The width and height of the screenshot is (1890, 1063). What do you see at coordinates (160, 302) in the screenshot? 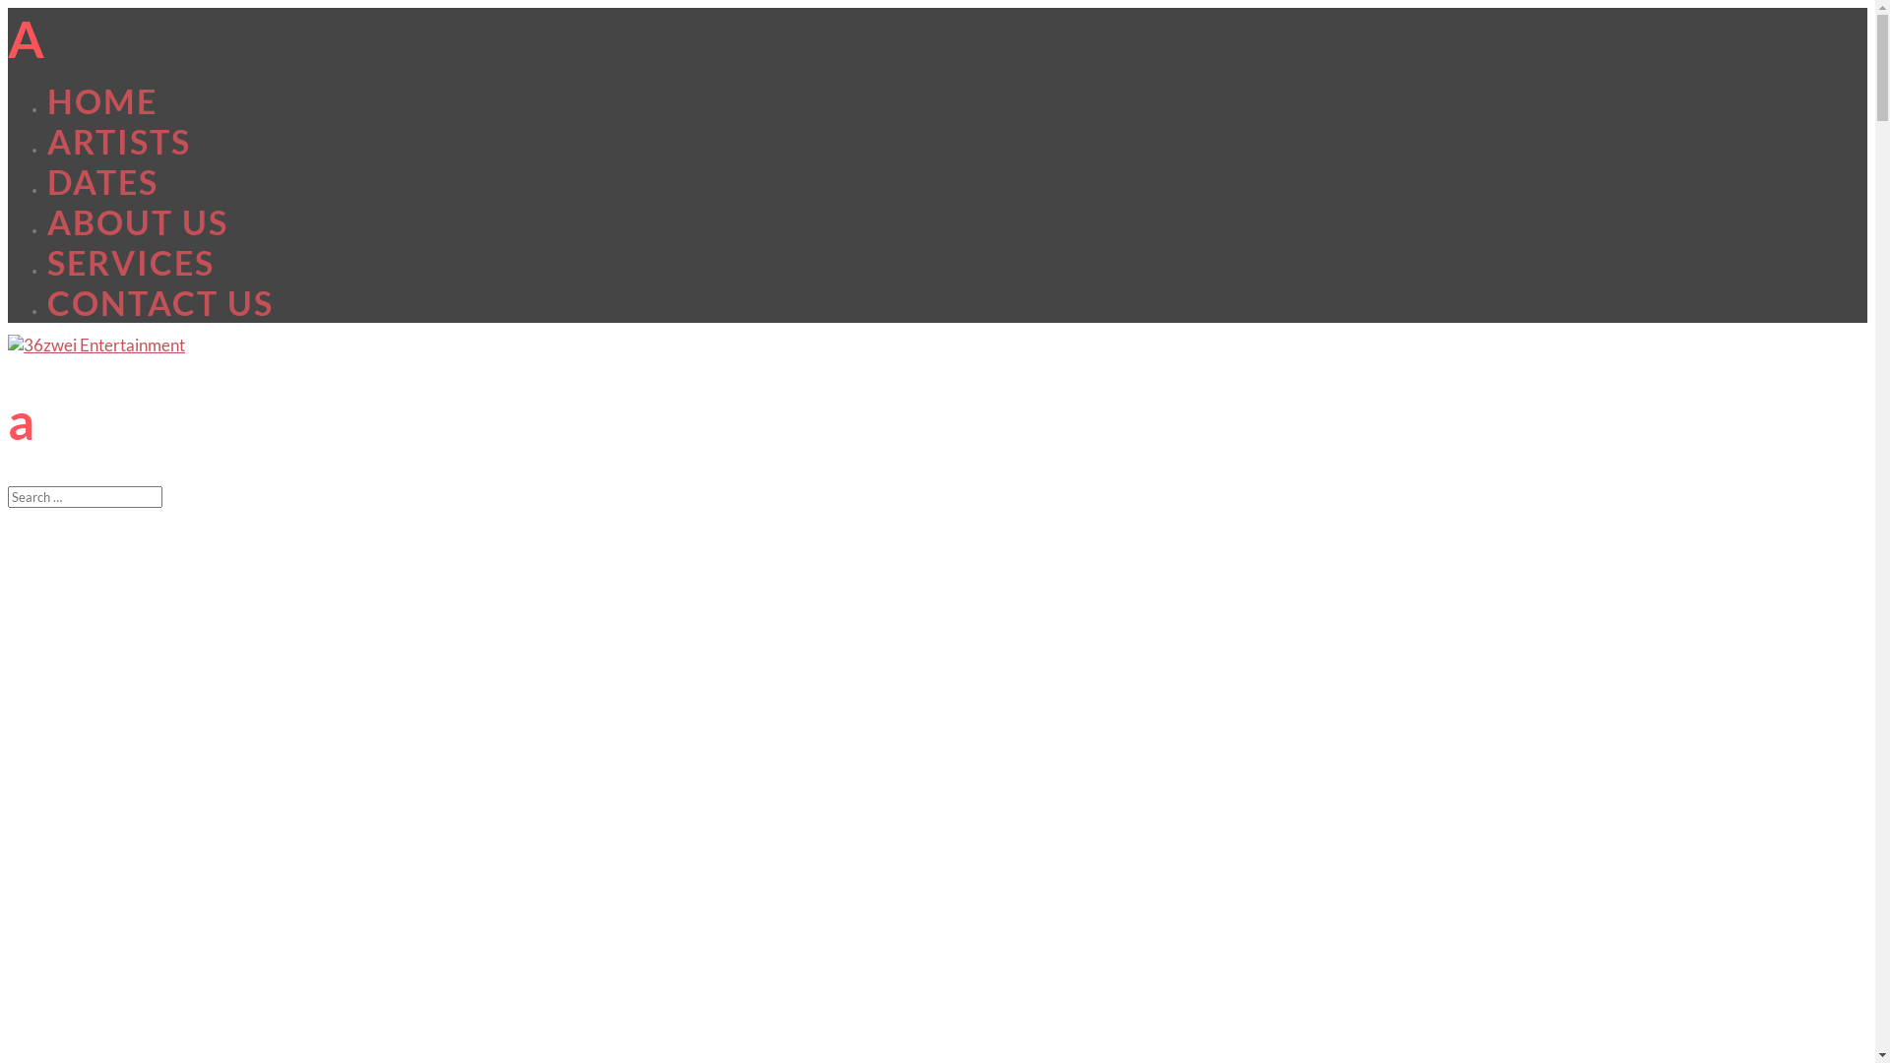
I see `'CONTACT US'` at bounding box center [160, 302].